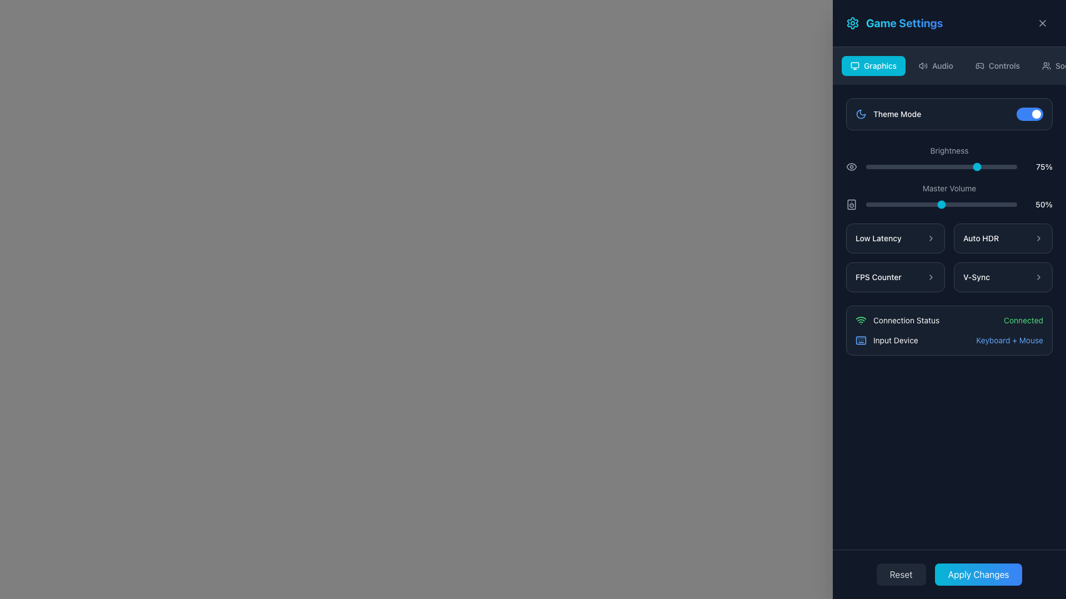 Image resolution: width=1066 pixels, height=599 pixels. I want to click on the 'Controls' button located, so click(997, 66).